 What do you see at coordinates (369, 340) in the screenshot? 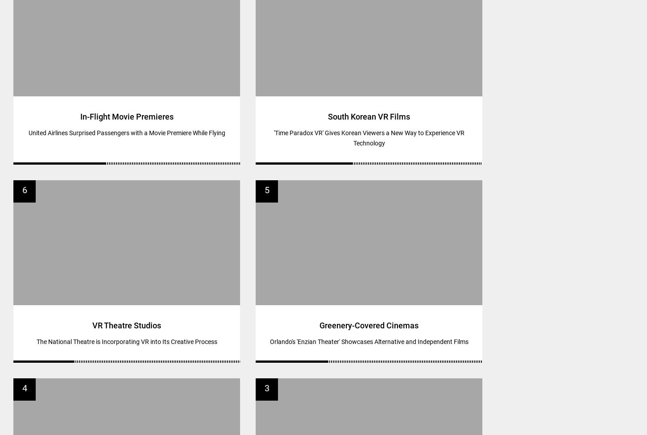
I see `'Orlando's 'Enzian Theater' Showcases Alternative and Independent Films'` at bounding box center [369, 340].